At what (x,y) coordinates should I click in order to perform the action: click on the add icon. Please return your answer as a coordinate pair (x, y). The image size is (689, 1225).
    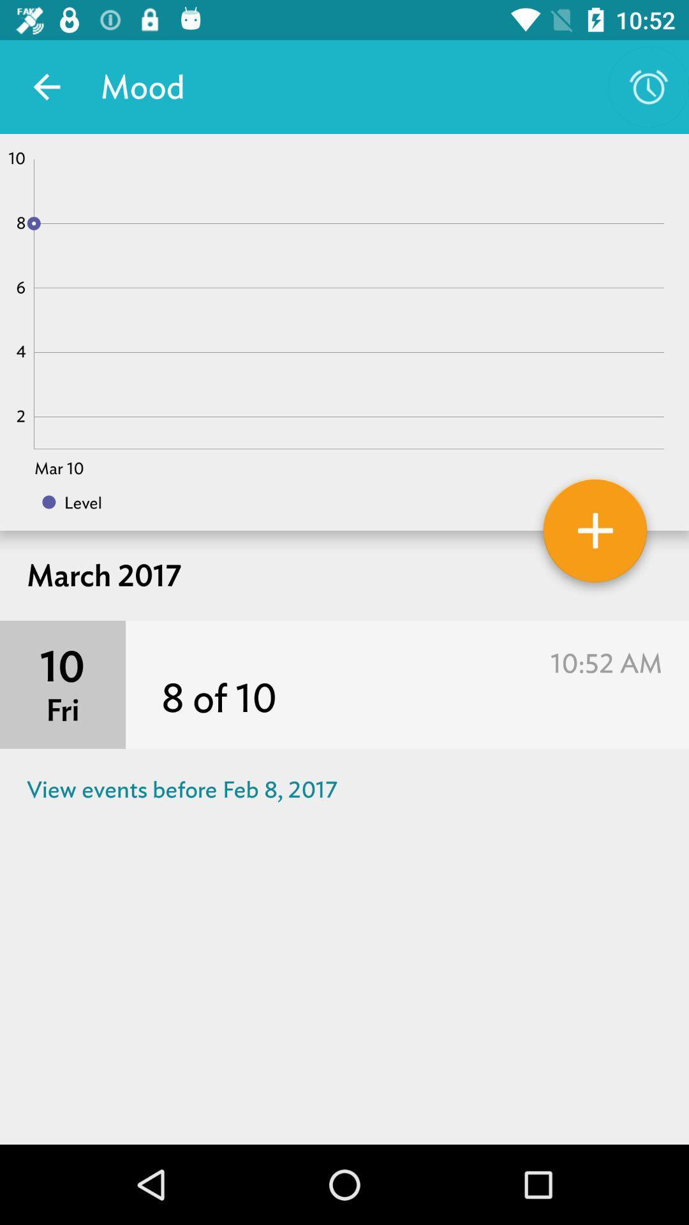
    Looking at the image, I should click on (595, 535).